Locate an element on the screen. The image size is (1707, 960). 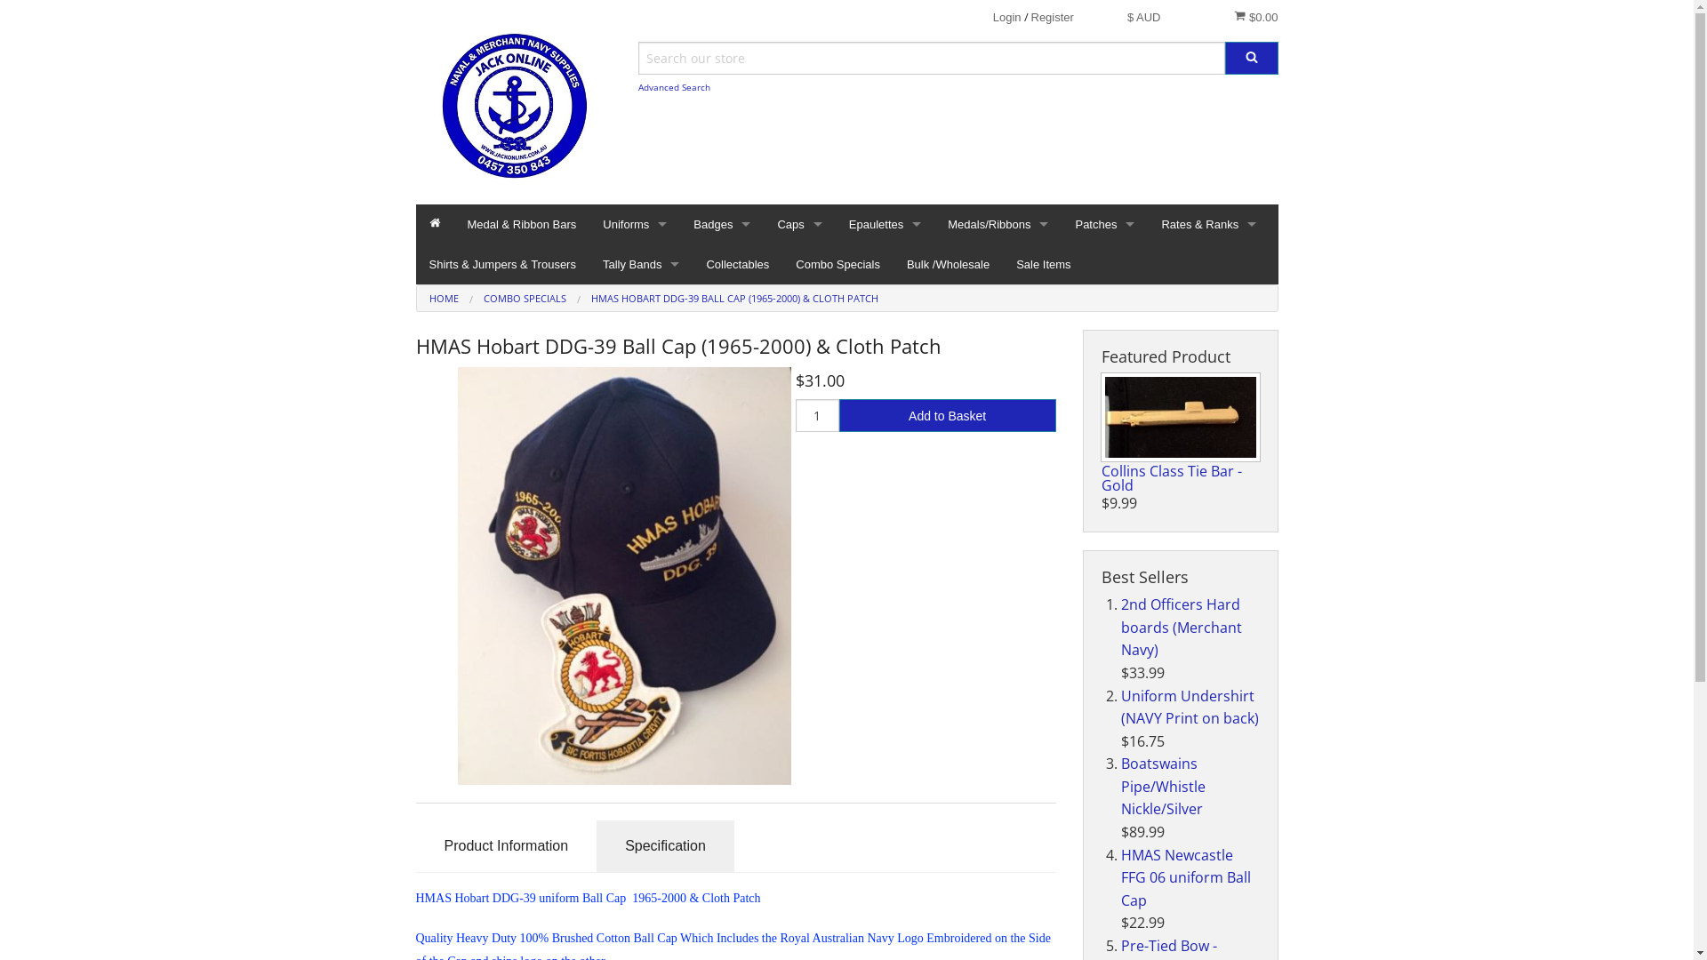
'$0.00' is located at coordinates (1254, 17).